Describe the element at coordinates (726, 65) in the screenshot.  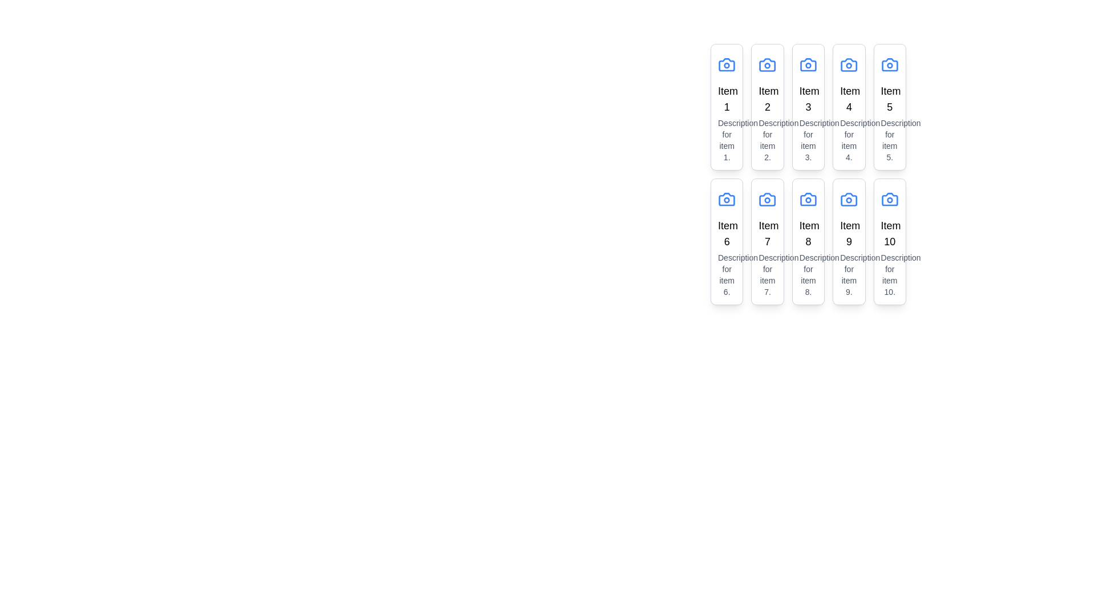
I see `the decorative icon at the top-center of the 'Item 1' card, which signifies a photographic context` at that location.